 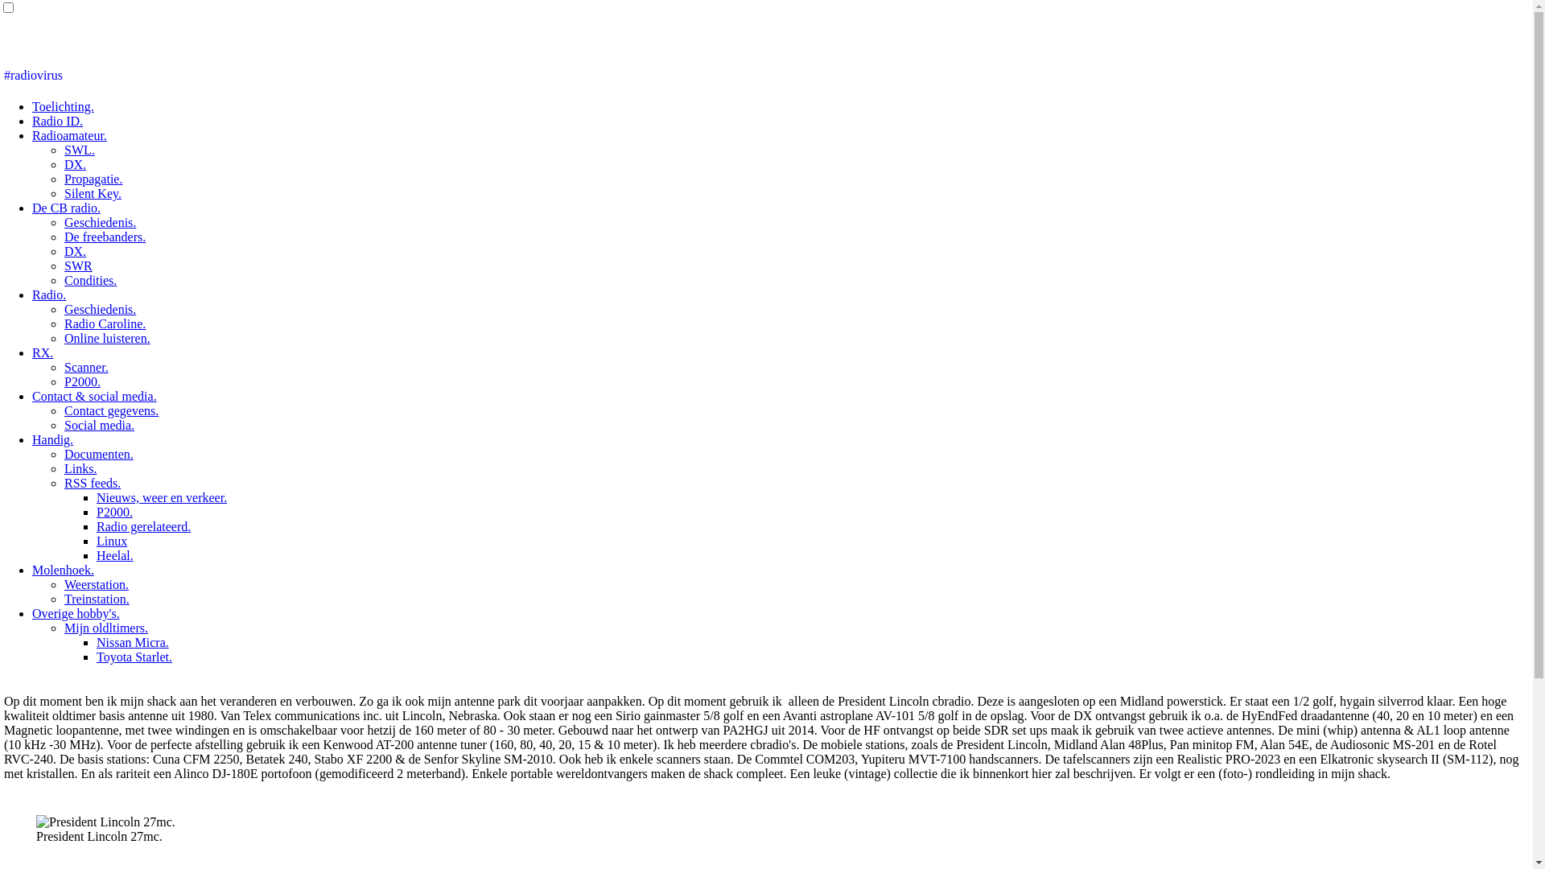 I want to click on 'Scanner.', so click(x=85, y=367).